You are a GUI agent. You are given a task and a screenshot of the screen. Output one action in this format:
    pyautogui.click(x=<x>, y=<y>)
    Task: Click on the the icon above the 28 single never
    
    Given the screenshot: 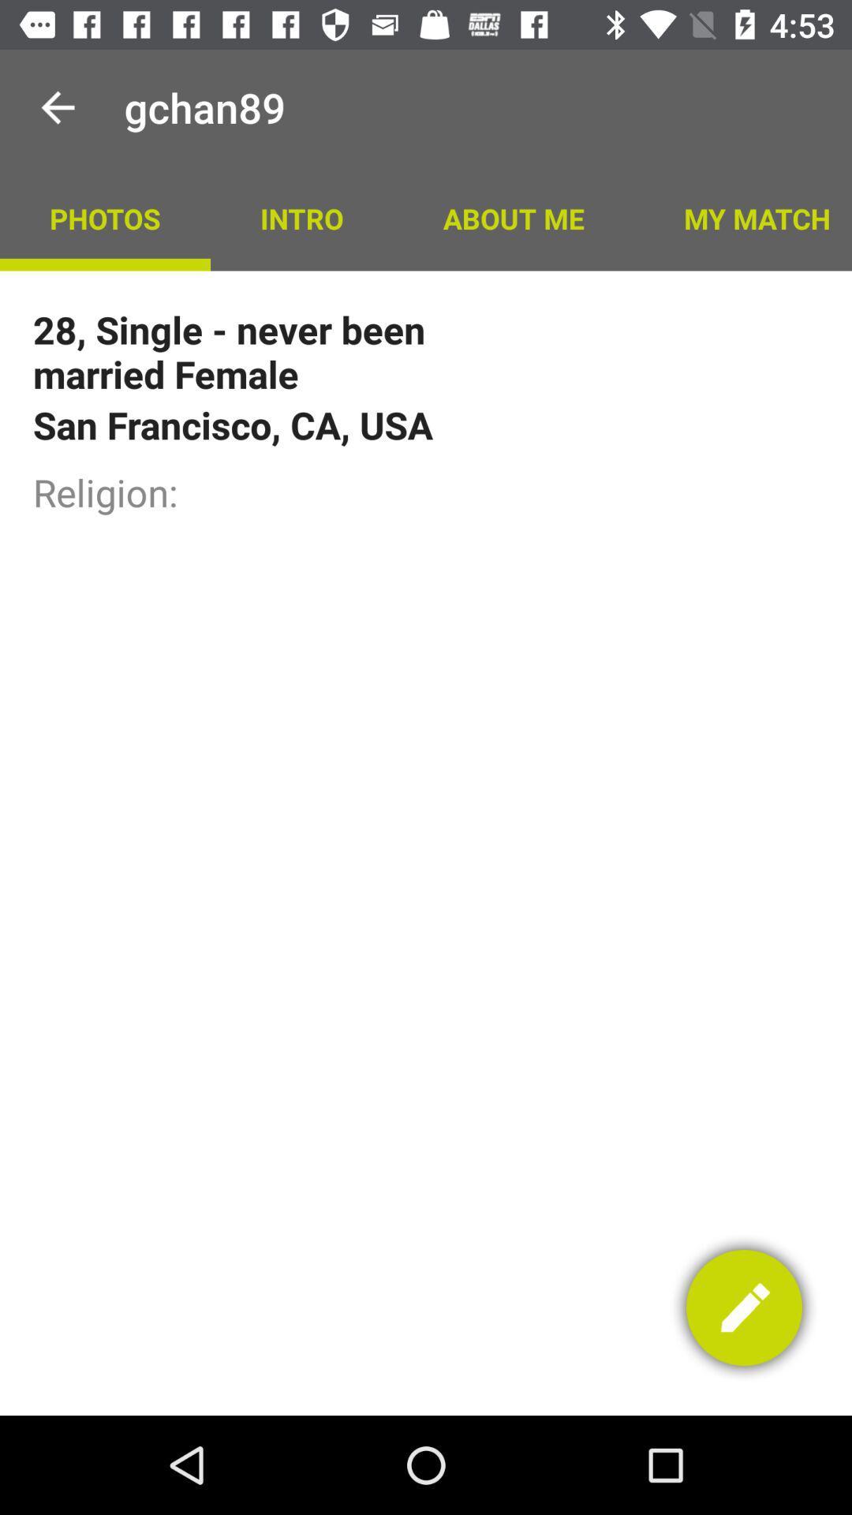 What is the action you would take?
    pyautogui.click(x=514, y=217)
    